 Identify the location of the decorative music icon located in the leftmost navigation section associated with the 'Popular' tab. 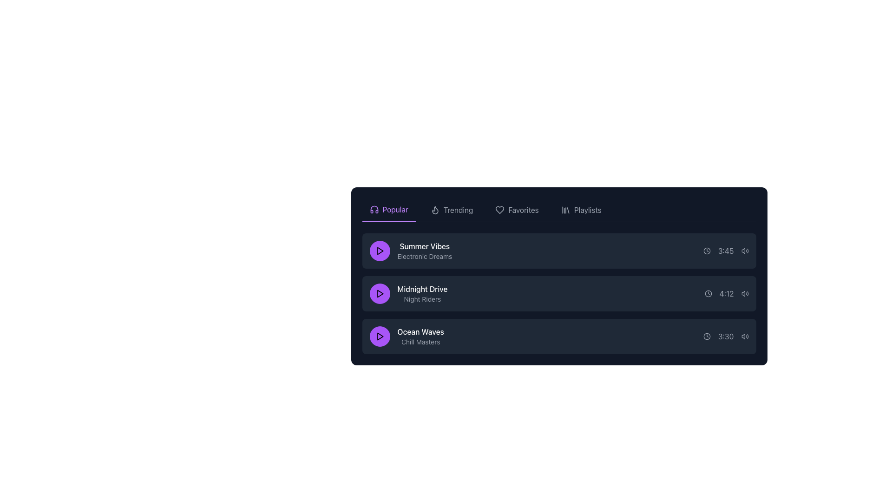
(374, 210).